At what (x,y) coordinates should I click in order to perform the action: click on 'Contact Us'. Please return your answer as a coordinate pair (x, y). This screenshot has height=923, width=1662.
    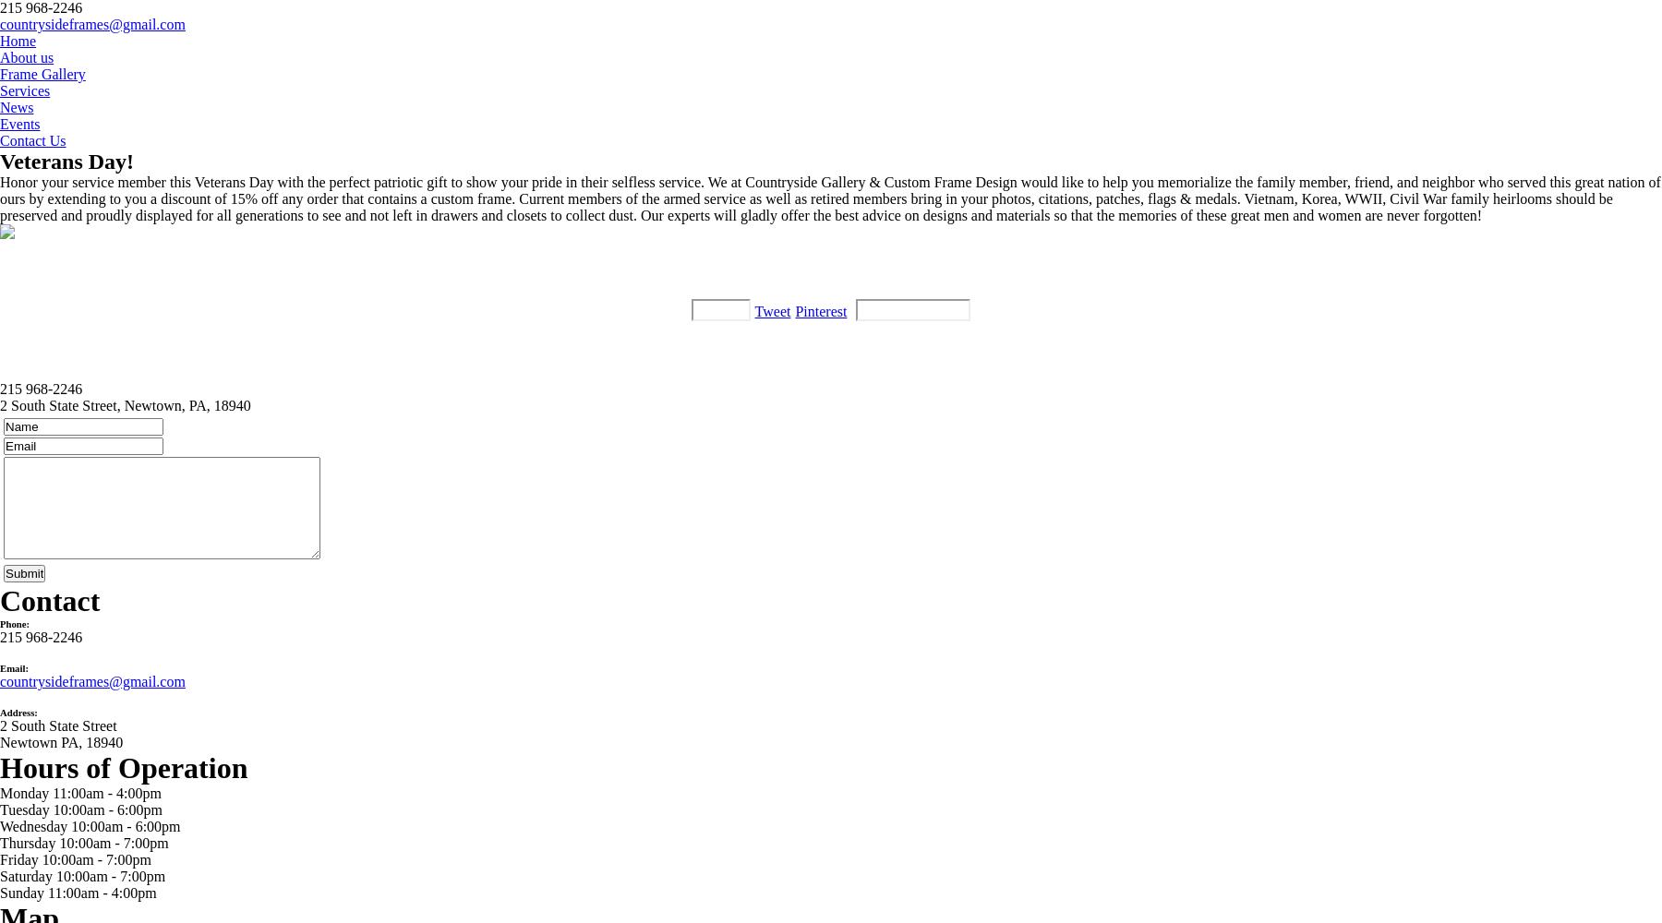
    Looking at the image, I should click on (31, 140).